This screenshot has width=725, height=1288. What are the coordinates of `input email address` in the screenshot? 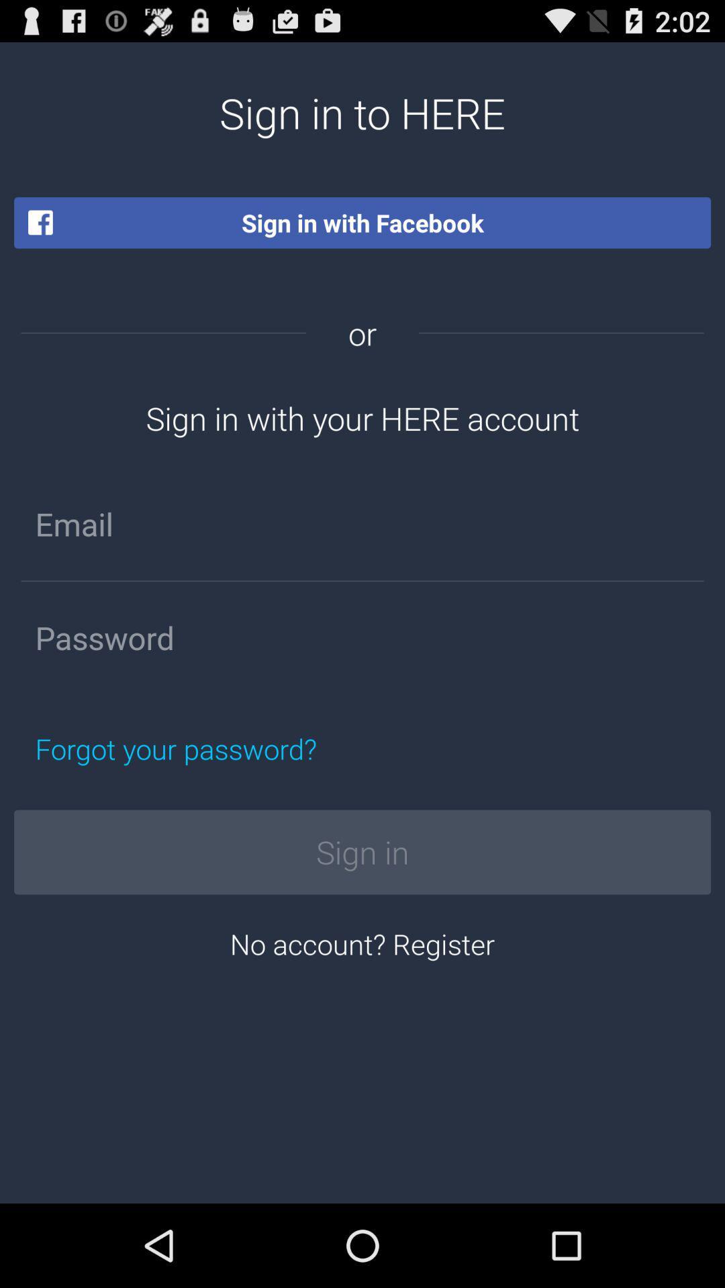 It's located at (362, 523).